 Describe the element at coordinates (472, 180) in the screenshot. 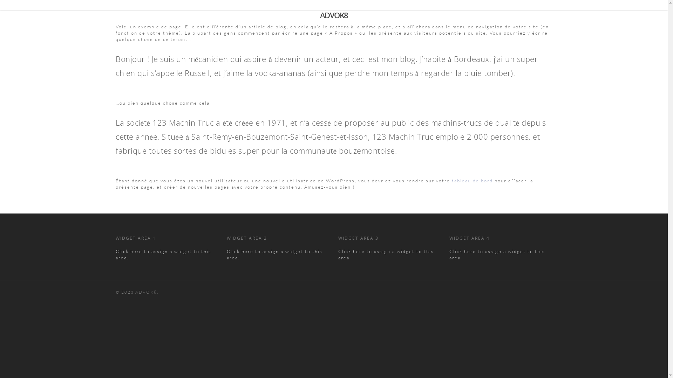

I see `'tableau de bord'` at that location.